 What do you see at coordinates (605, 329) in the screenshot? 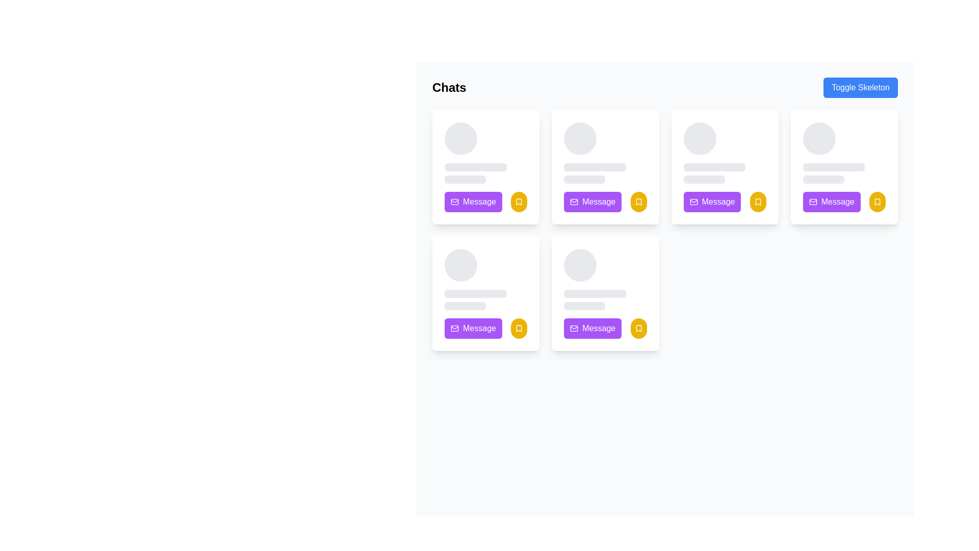
I see `the purple 'Message' button with a mail icon located in the bottom row, first column of the card layout to initiate a message` at bounding box center [605, 329].